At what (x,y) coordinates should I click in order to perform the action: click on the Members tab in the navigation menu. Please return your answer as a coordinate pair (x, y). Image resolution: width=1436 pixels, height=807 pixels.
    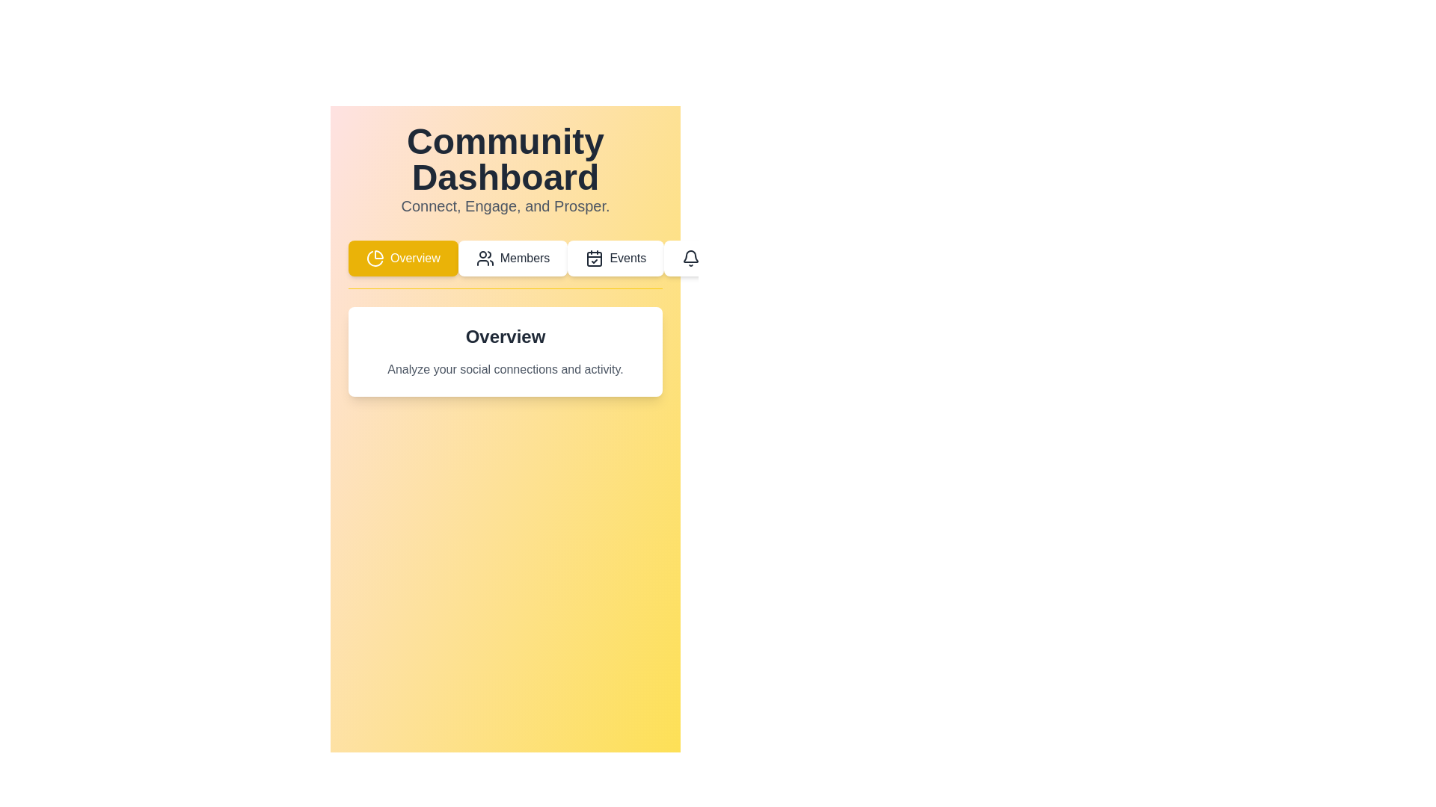
    Looking at the image, I should click on (513, 258).